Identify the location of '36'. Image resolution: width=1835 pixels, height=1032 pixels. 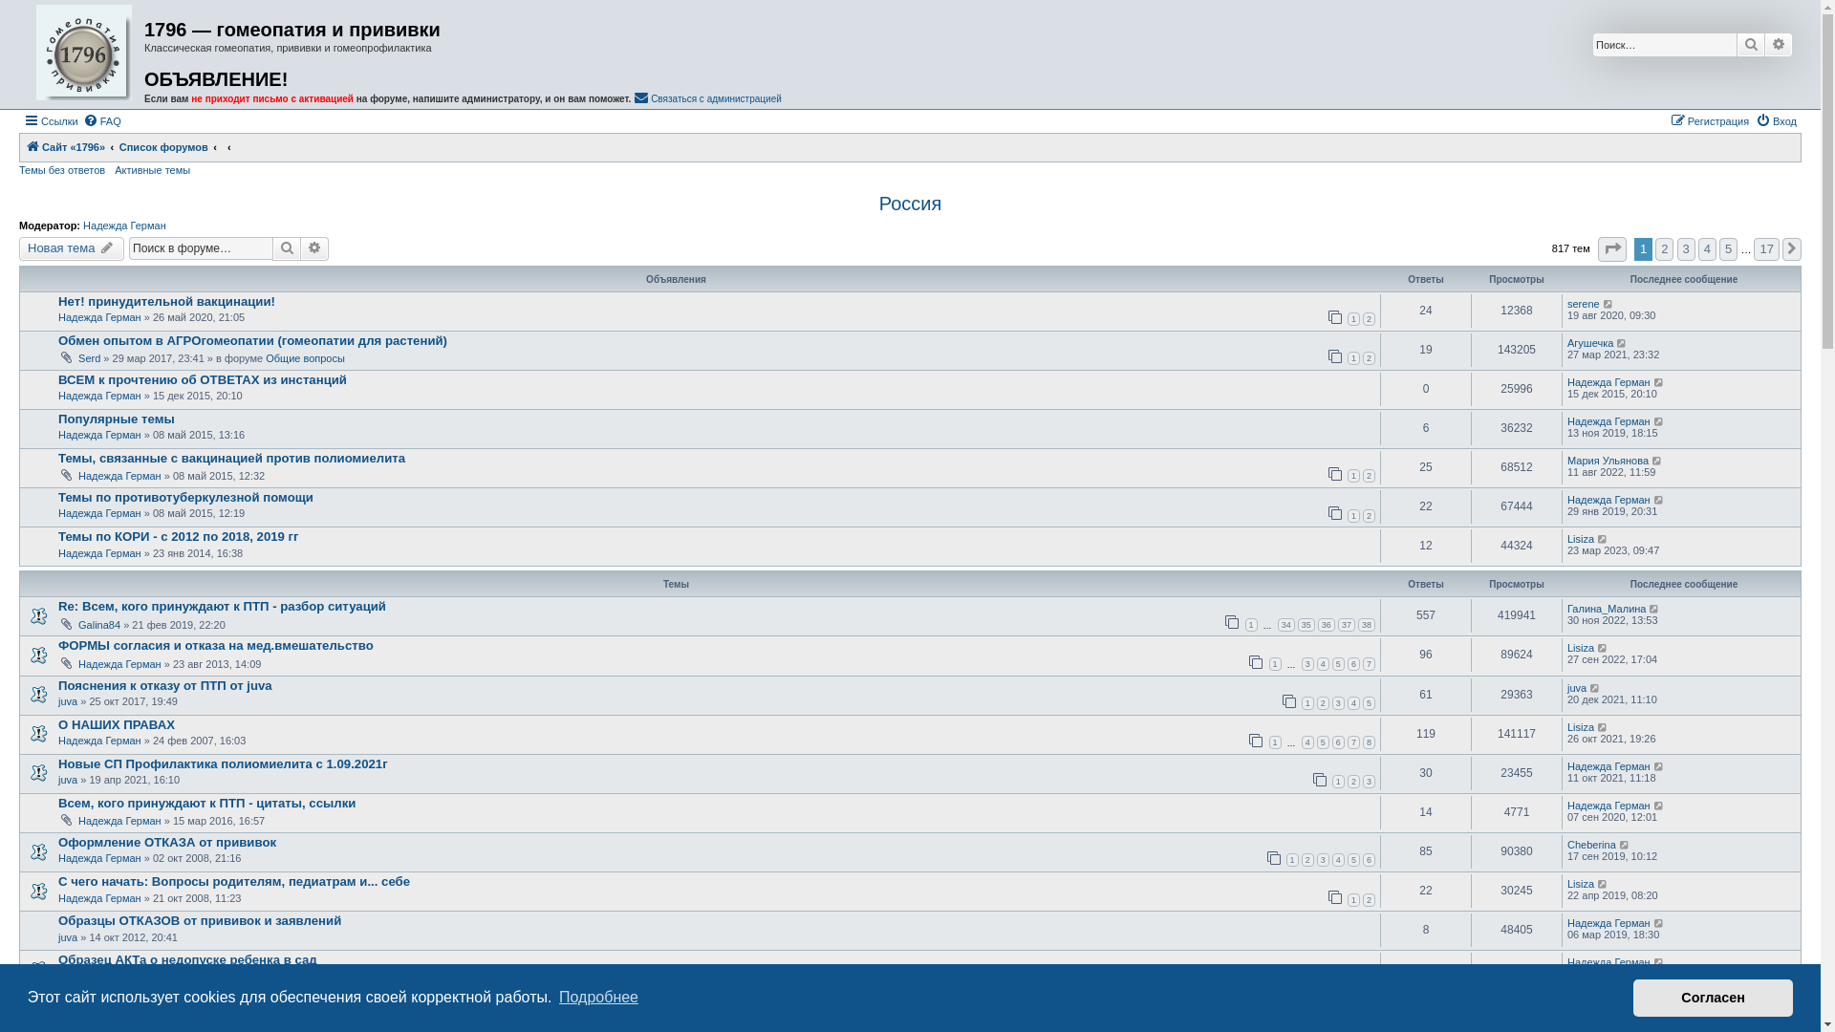
(1325, 625).